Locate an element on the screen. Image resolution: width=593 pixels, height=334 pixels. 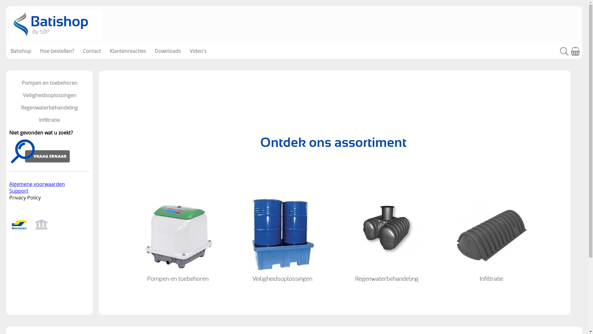
'Klantenreacties' is located at coordinates (127, 51).